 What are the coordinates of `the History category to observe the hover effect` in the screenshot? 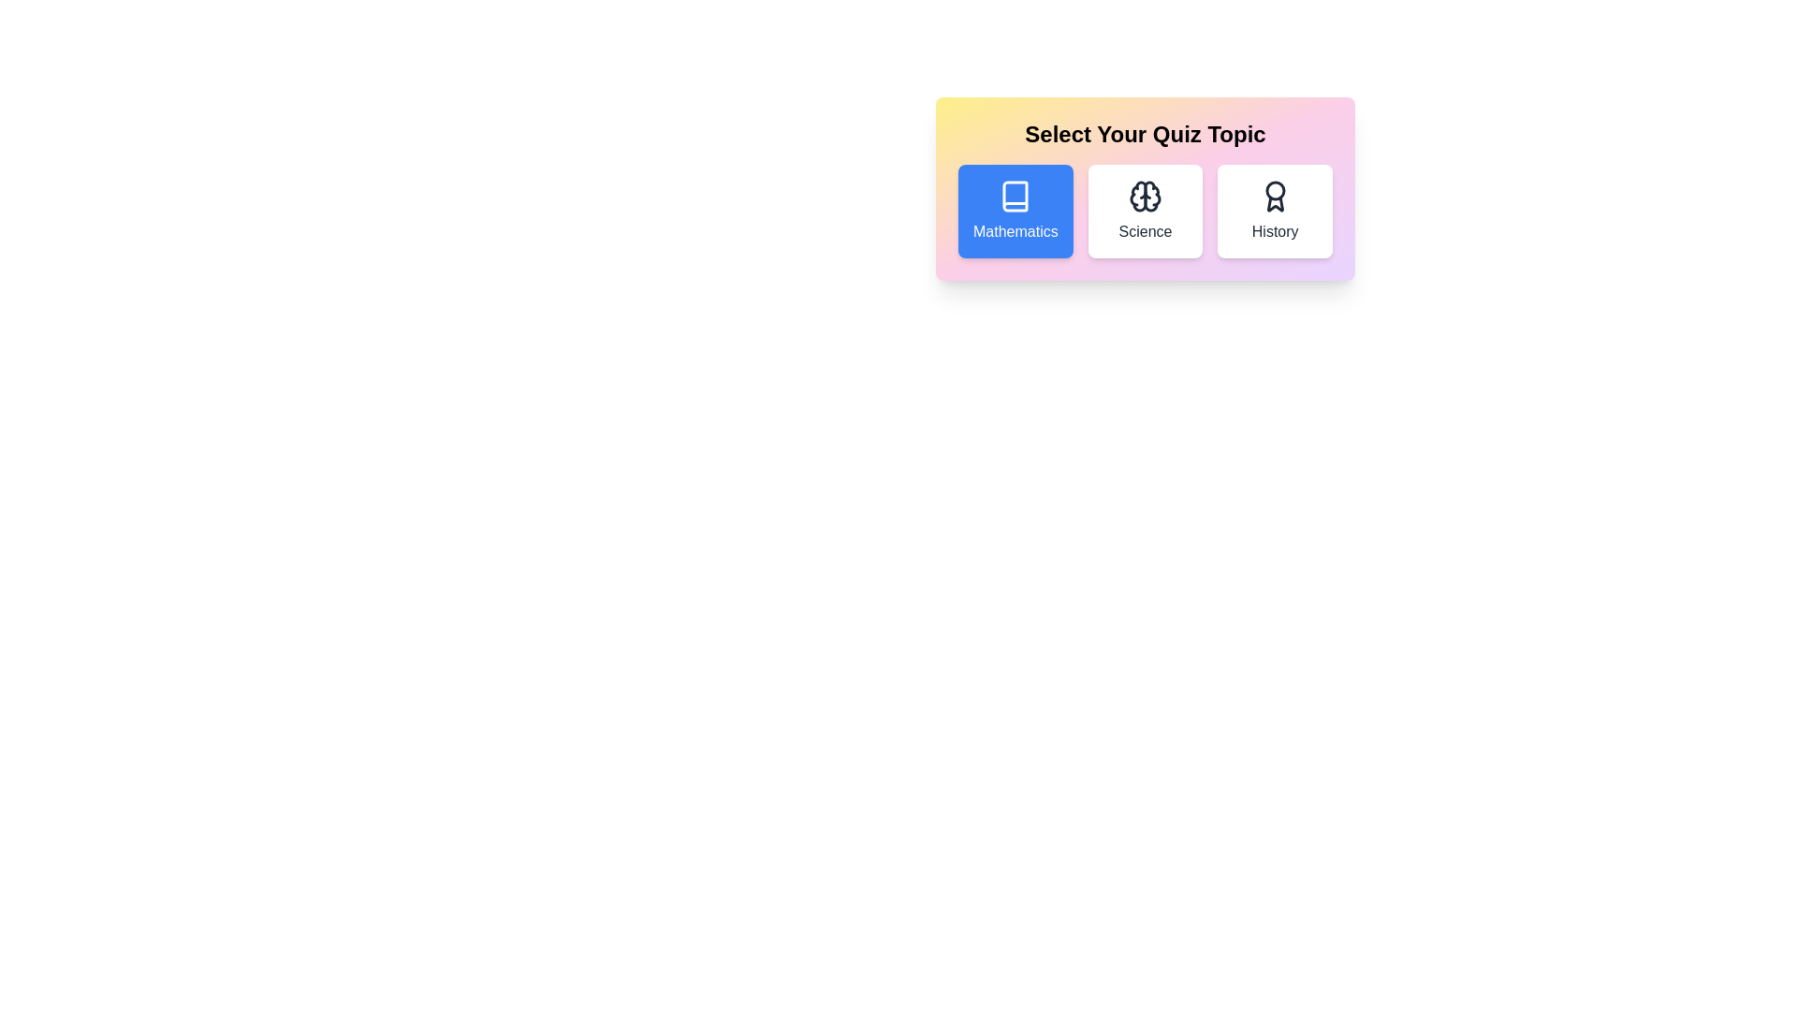 It's located at (1275, 211).